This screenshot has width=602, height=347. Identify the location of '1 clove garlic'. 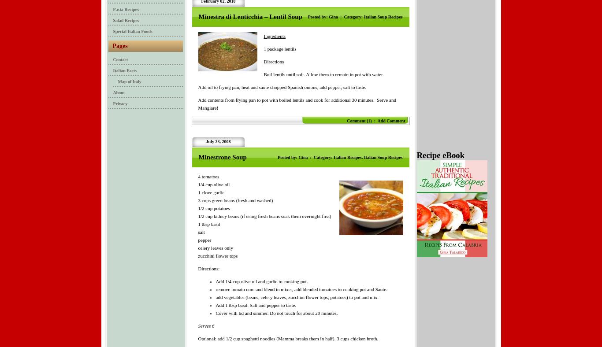
(211, 192).